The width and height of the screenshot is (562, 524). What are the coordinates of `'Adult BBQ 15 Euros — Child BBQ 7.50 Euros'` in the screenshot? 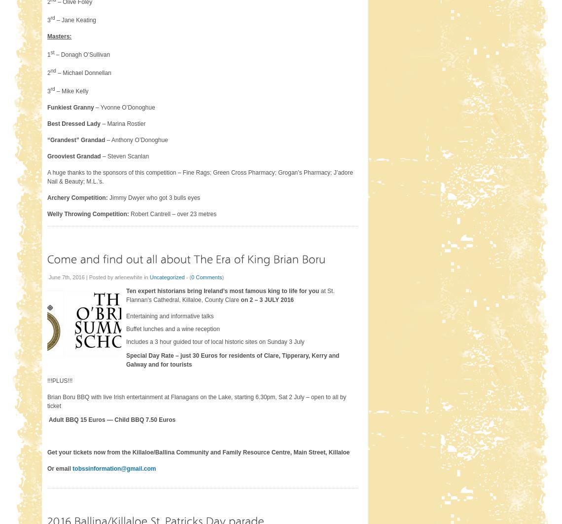 It's located at (111, 419).